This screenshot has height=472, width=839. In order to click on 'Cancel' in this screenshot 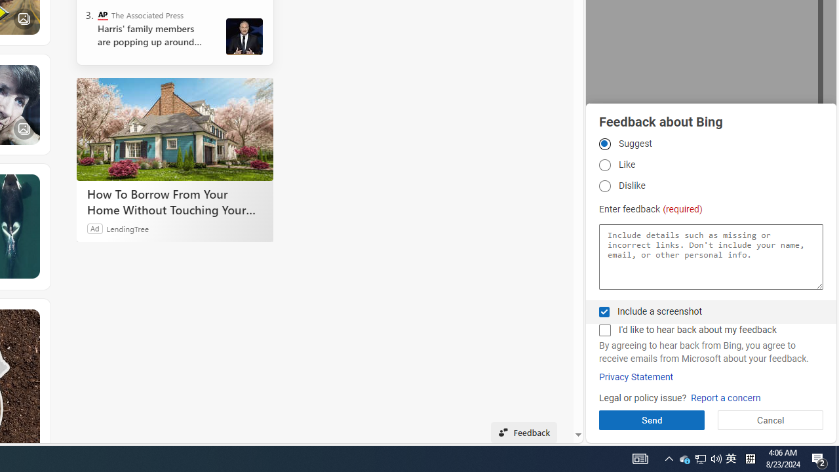, I will do `click(770, 420)`.